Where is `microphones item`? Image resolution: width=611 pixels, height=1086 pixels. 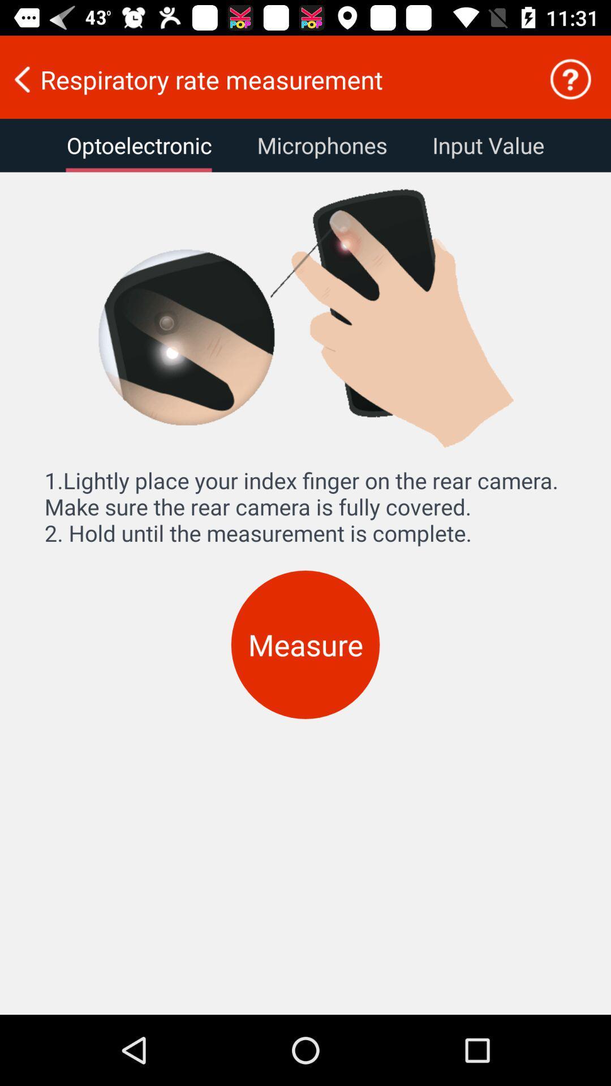 microphones item is located at coordinates (322, 145).